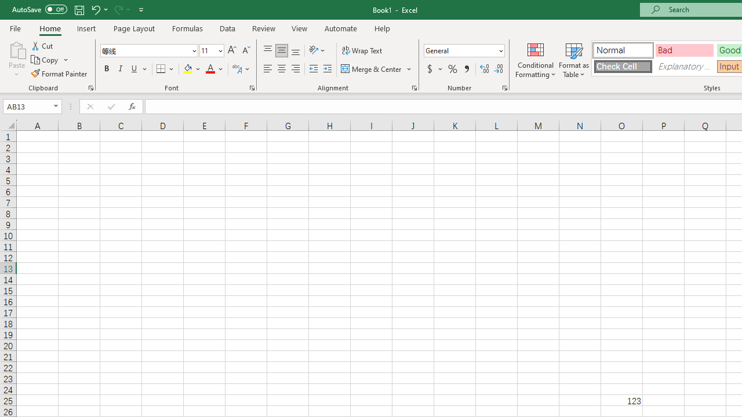 This screenshot has height=417, width=742. Describe the element at coordinates (429, 69) in the screenshot. I see `'Accounting Number Format'` at that location.